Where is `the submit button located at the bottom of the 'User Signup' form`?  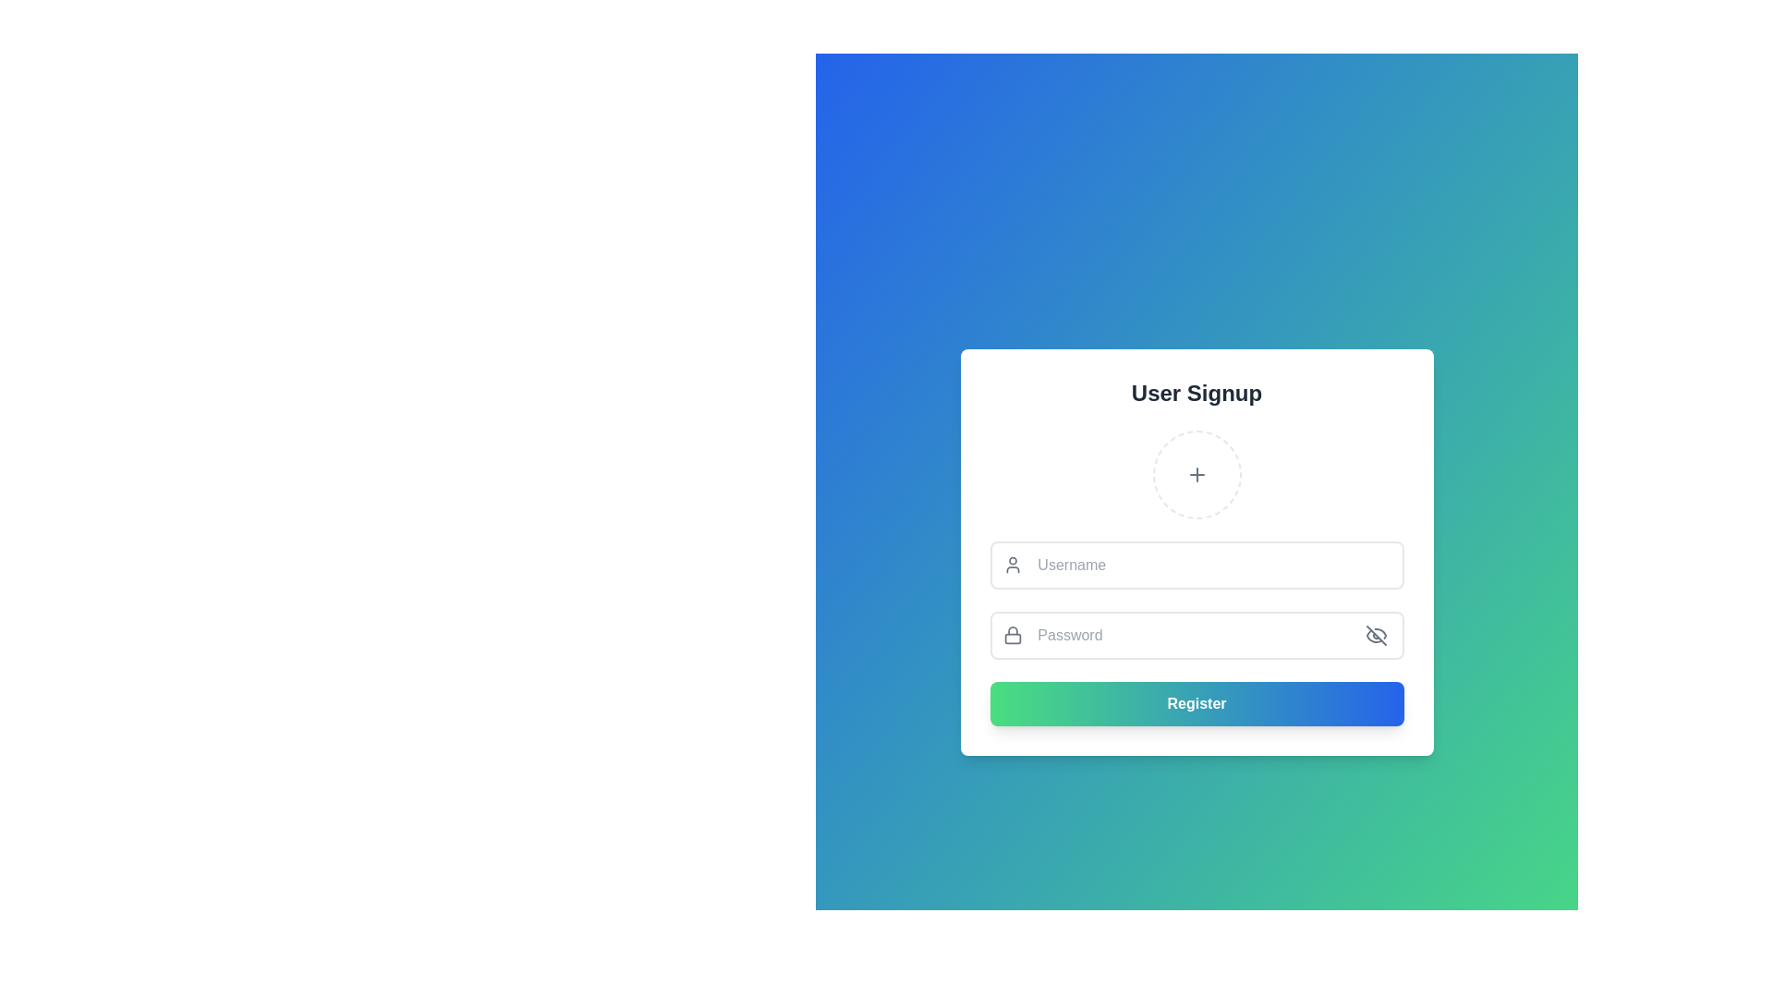
the submit button located at the bottom of the 'User Signup' form is located at coordinates (1197, 704).